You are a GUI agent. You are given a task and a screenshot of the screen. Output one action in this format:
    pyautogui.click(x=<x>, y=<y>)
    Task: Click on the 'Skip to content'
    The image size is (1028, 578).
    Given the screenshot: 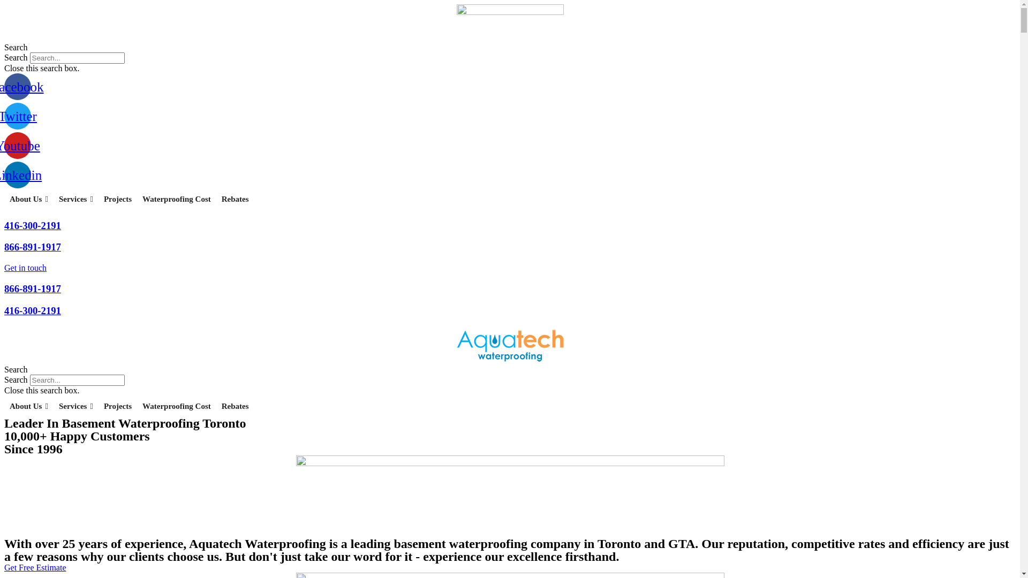 What is the action you would take?
    pyautogui.click(x=4, y=4)
    